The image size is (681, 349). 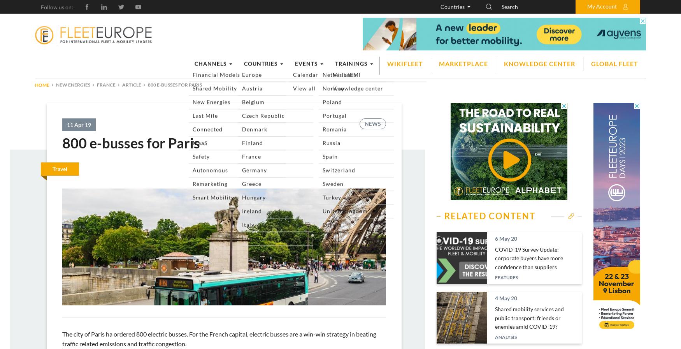 What do you see at coordinates (459, 85) in the screenshot?
I see `'Germany'` at bounding box center [459, 85].